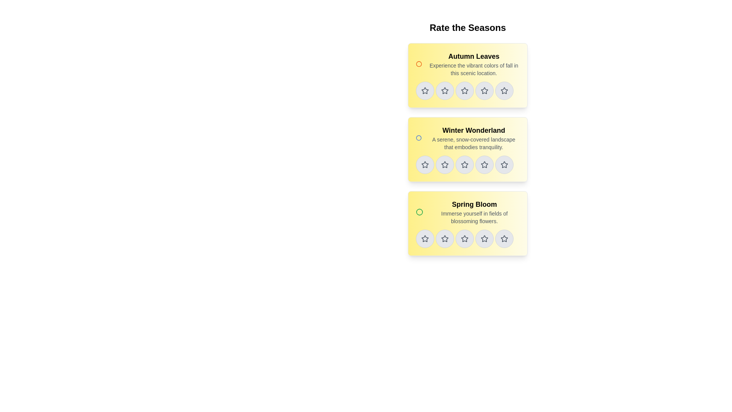  What do you see at coordinates (467, 64) in the screenshot?
I see `the title and description text block located at the top of the first yellow rectangular card in the list of seasons` at bounding box center [467, 64].